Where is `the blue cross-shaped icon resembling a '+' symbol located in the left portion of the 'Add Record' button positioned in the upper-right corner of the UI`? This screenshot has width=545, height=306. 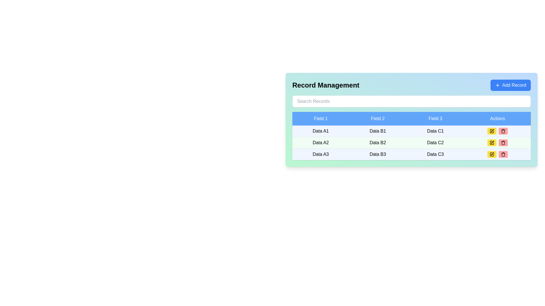
the blue cross-shaped icon resembling a '+' symbol located in the left portion of the 'Add Record' button positioned in the upper-right corner of the UI is located at coordinates (497, 85).